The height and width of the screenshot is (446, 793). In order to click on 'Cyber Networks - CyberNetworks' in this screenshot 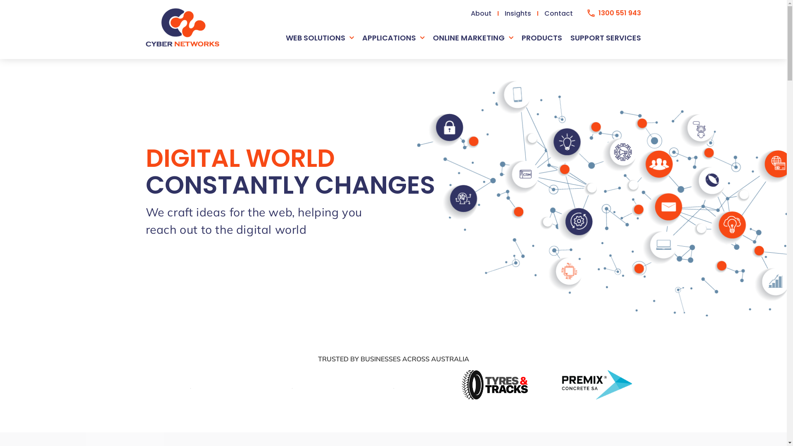, I will do `click(182, 27)`.